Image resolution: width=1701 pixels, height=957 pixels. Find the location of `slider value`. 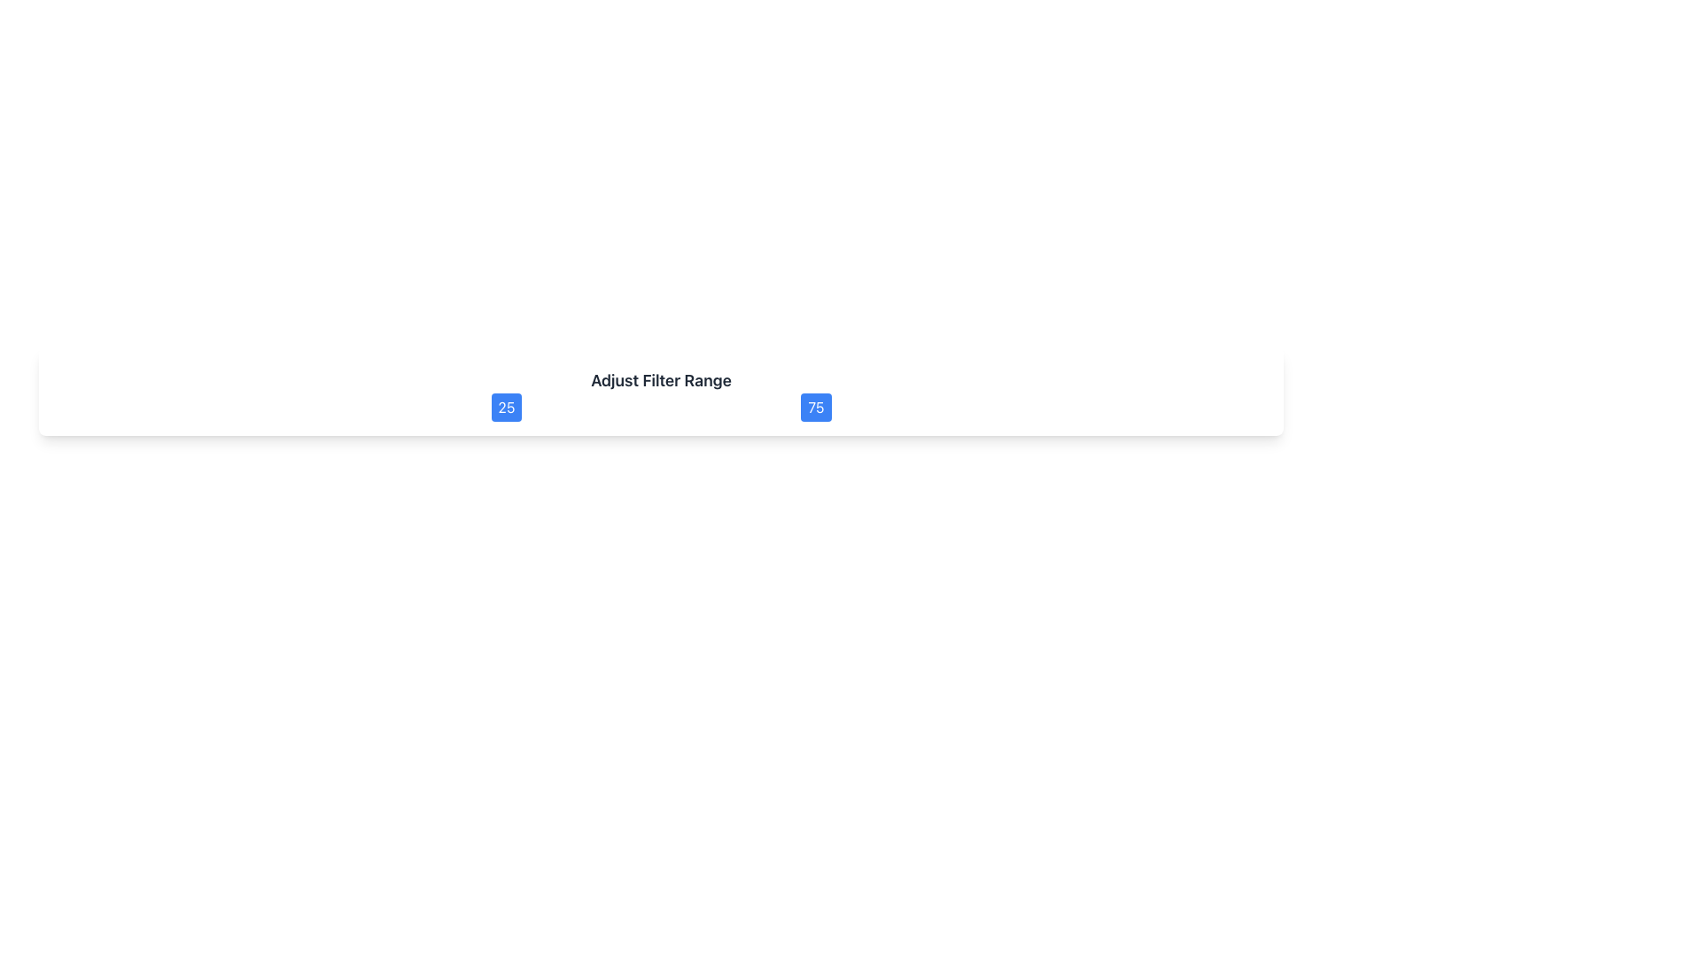

slider value is located at coordinates (747, 416).